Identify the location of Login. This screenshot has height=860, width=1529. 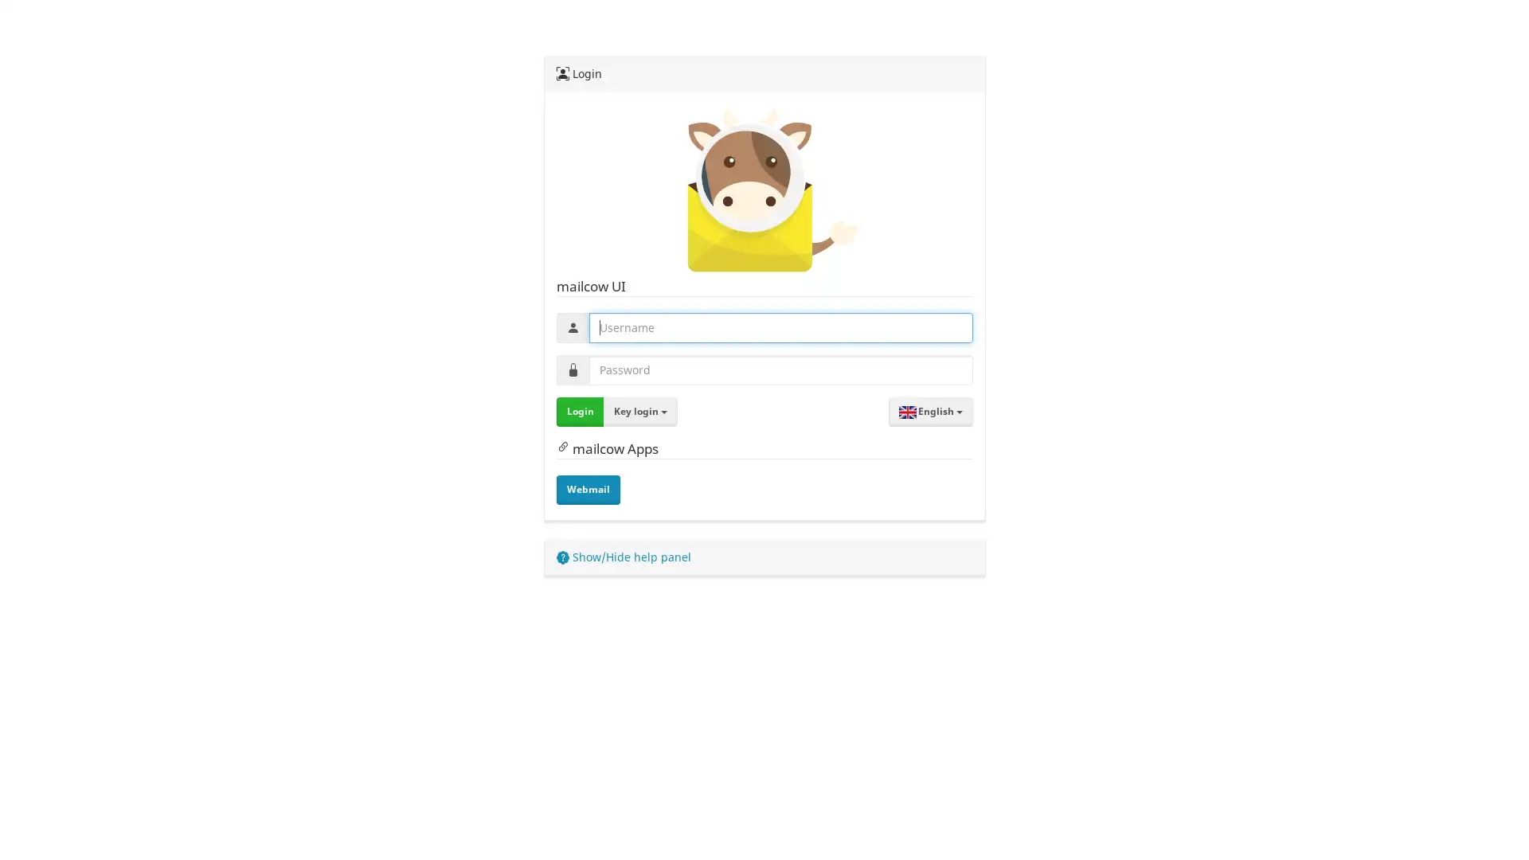
(579, 410).